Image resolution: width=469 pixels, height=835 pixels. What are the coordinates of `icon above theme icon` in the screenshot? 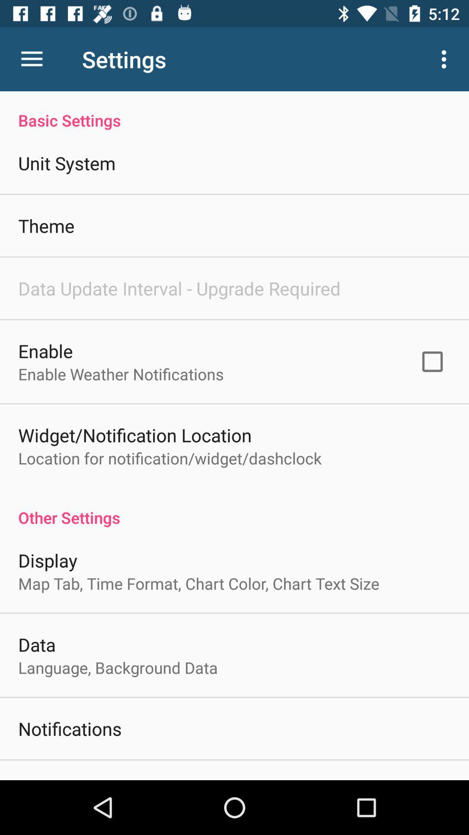 It's located at (66, 163).